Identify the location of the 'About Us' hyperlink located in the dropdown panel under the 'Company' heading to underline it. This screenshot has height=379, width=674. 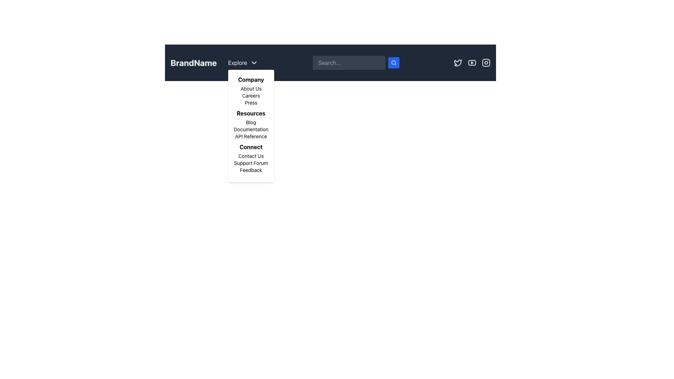
(251, 88).